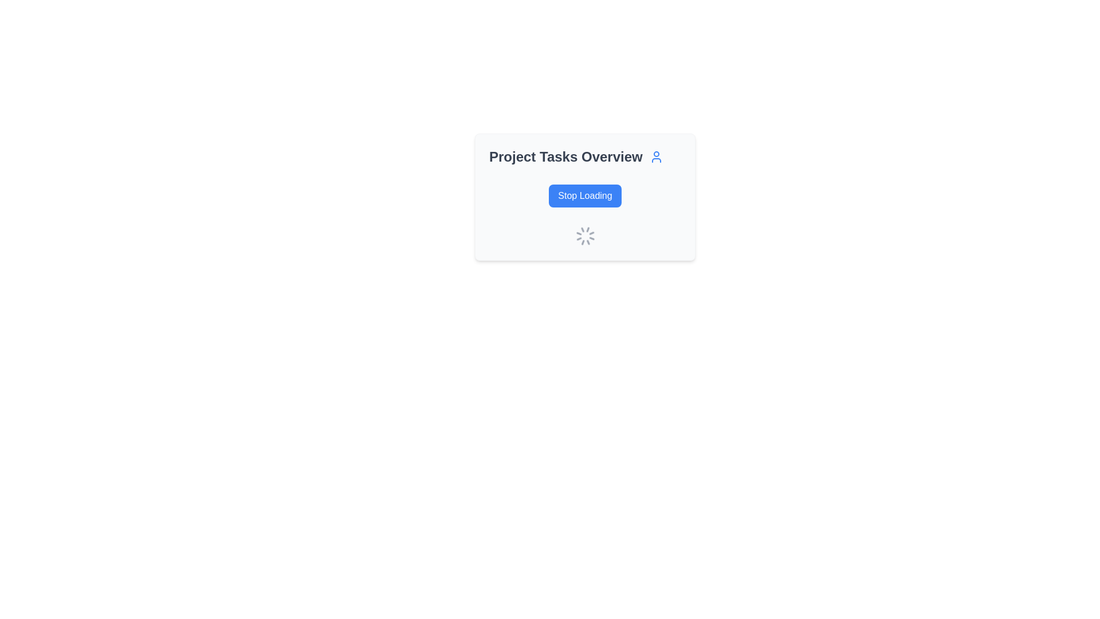 The image size is (1100, 619). I want to click on the user icon located to the right of the heading text 'Project Tasks Overview', so click(656, 156).